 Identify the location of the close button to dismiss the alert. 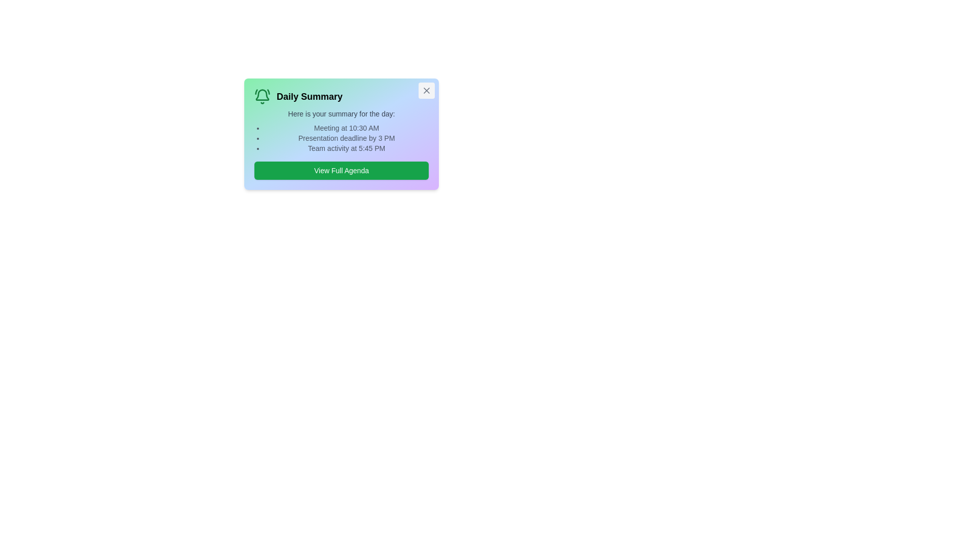
(426, 90).